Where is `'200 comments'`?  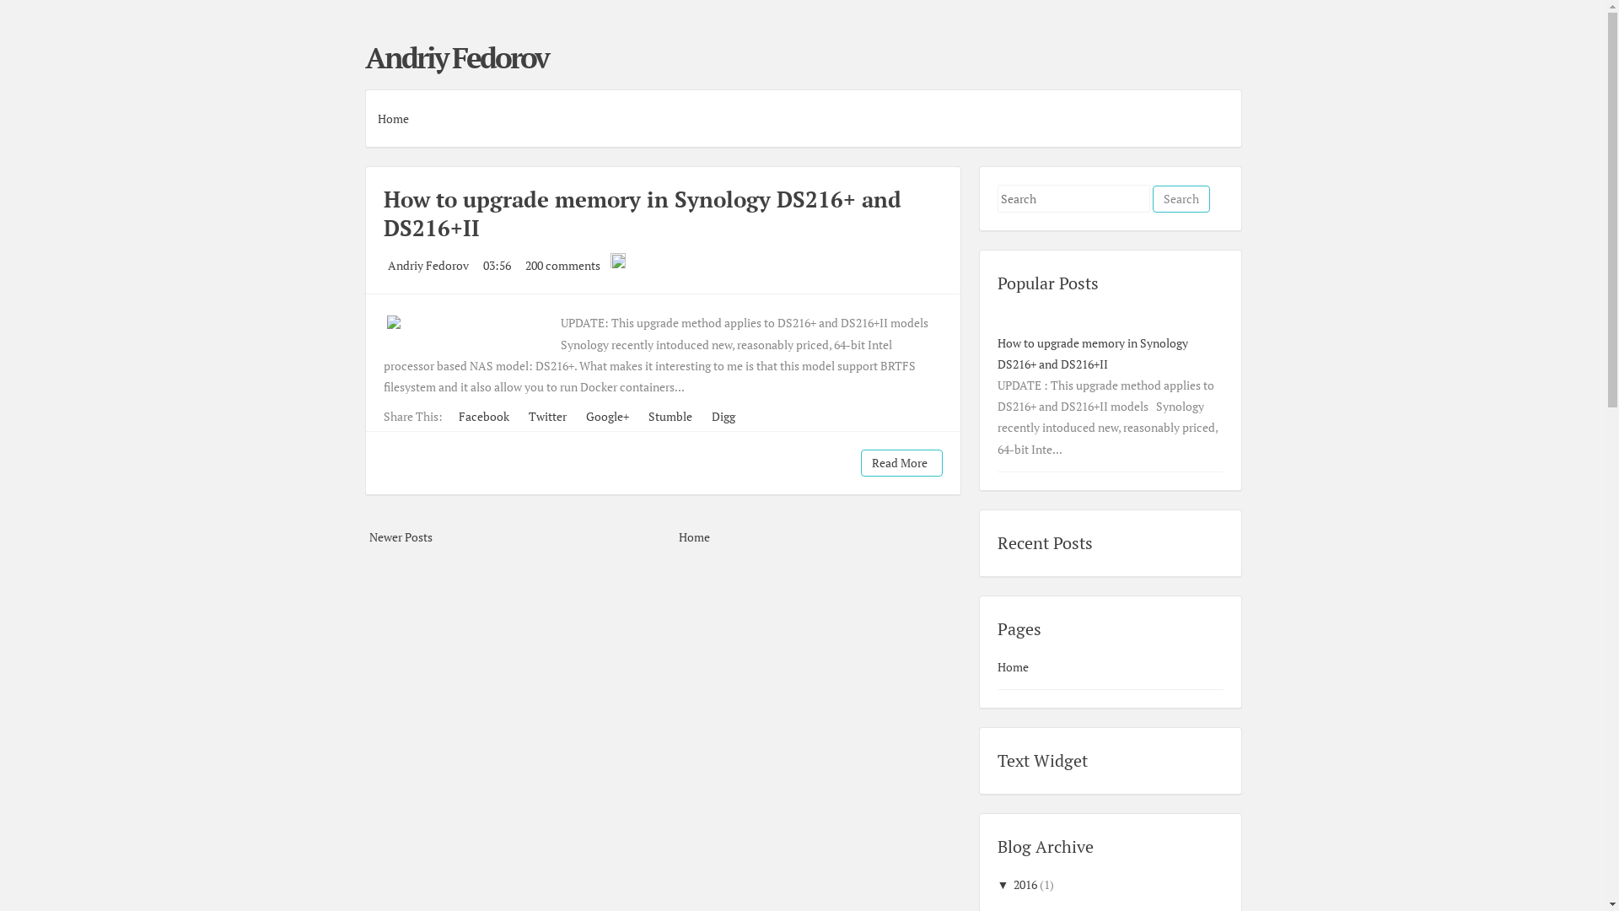 '200 comments' is located at coordinates (524, 265).